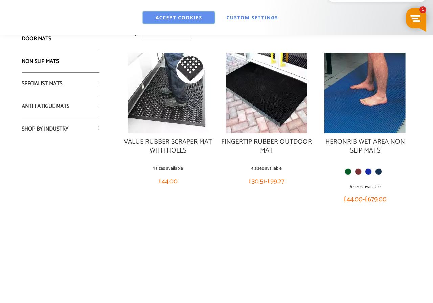  What do you see at coordinates (179, 17) in the screenshot?
I see `'Accept Cookies'` at bounding box center [179, 17].